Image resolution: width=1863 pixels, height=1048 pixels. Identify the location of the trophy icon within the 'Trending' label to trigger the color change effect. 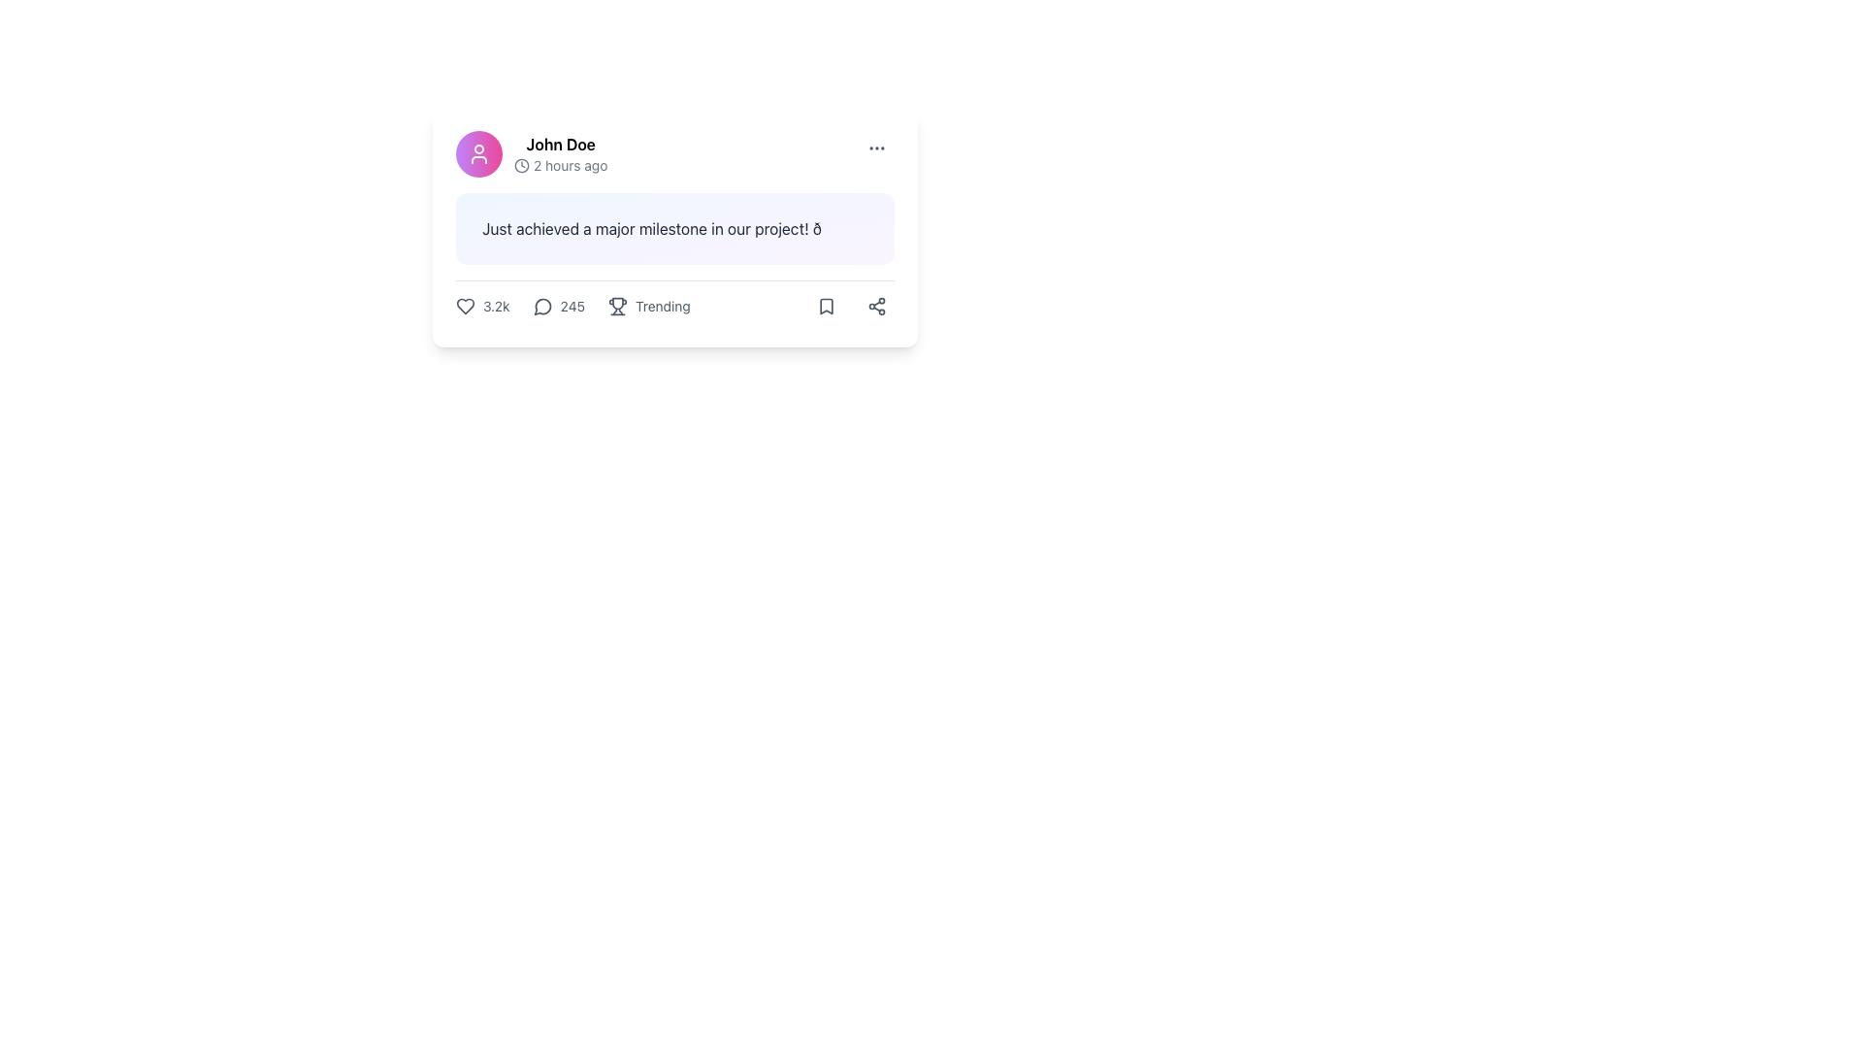
(617, 306).